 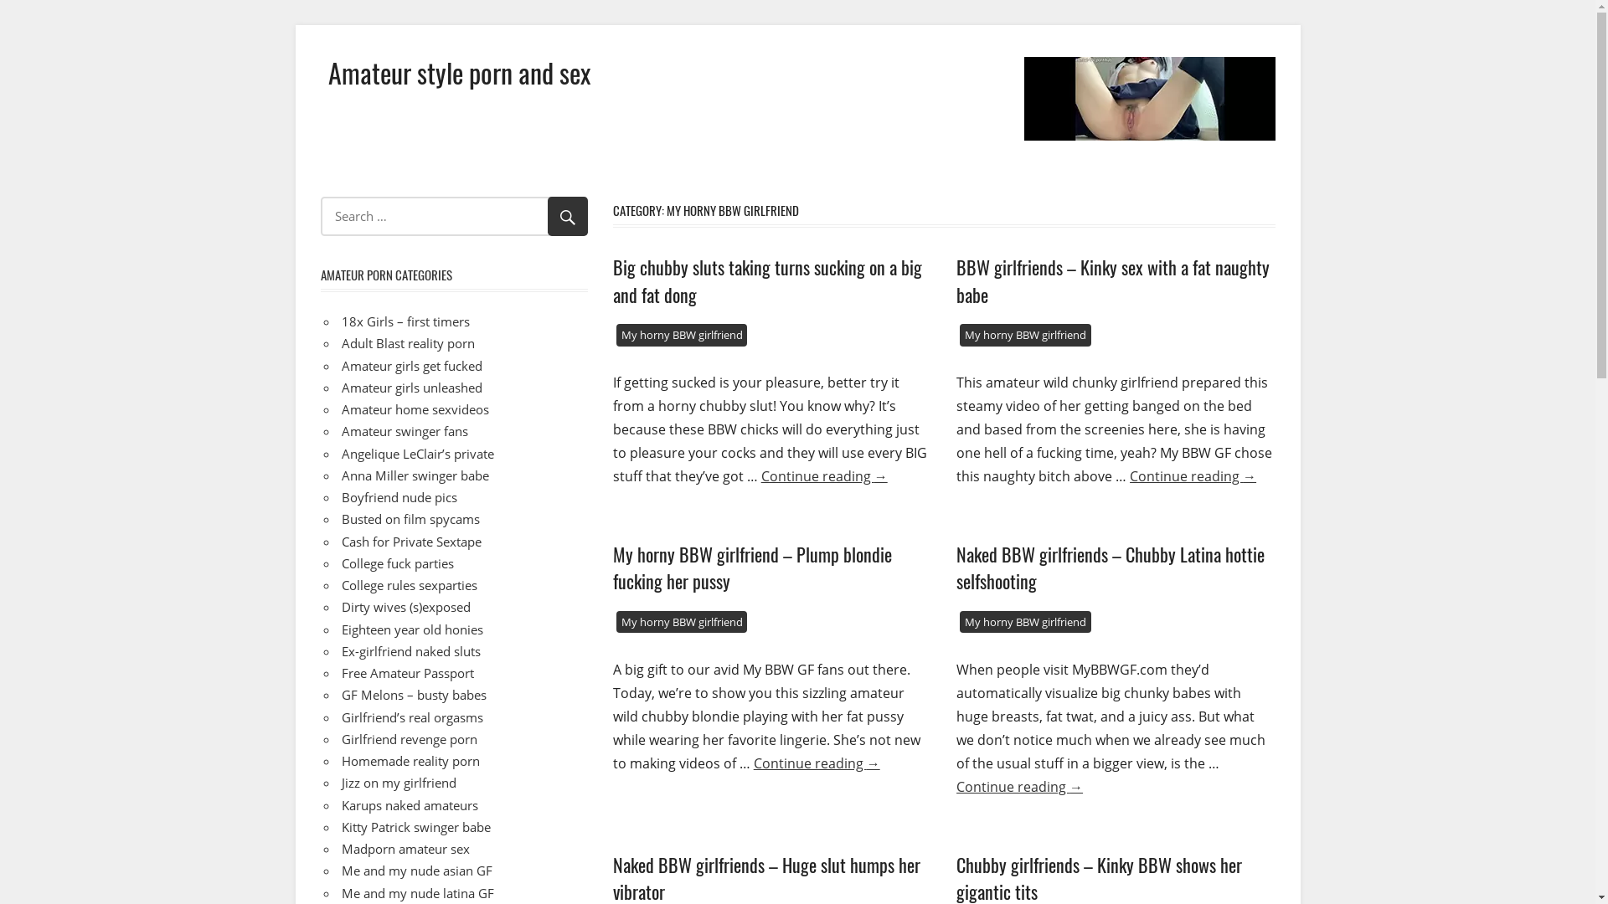 I want to click on 'Amateur girls unleashed', so click(x=341, y=387).